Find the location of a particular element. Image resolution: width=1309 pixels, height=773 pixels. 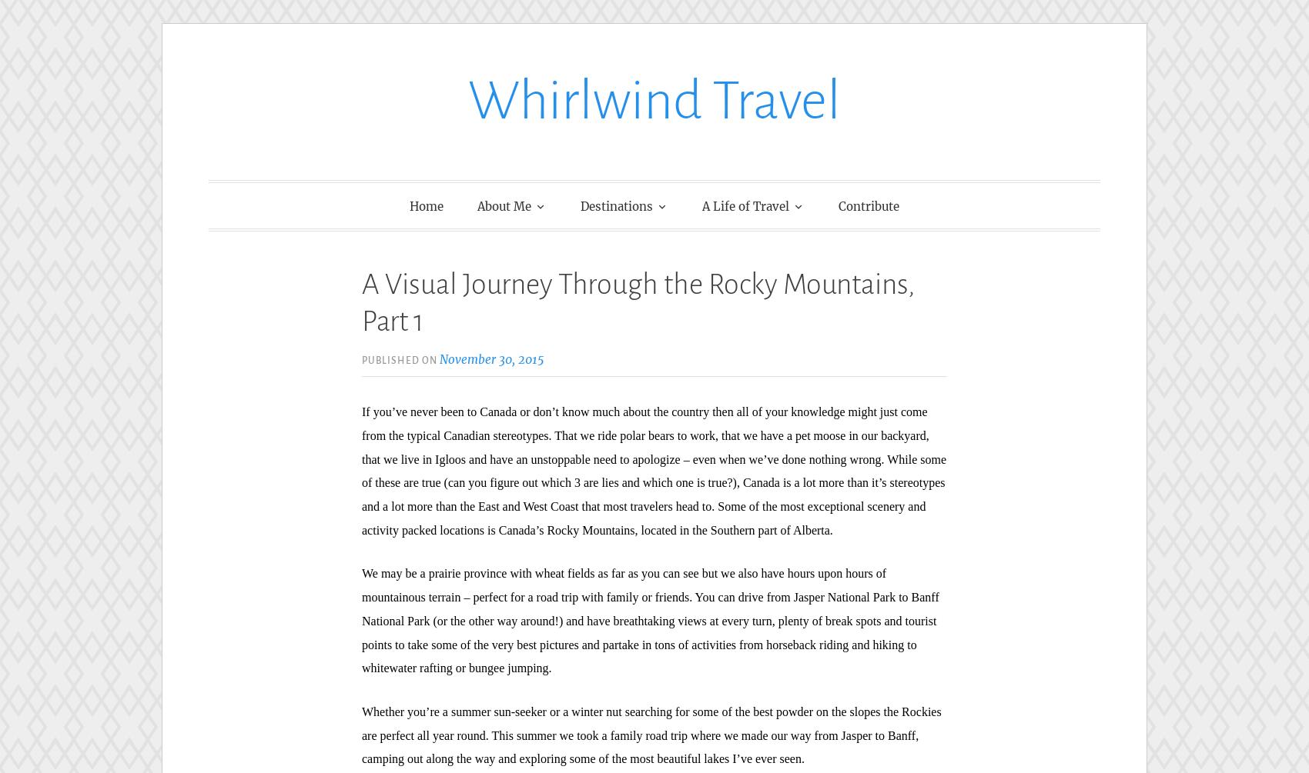

'A Life of Travel' is located at coordinates (745, 205).